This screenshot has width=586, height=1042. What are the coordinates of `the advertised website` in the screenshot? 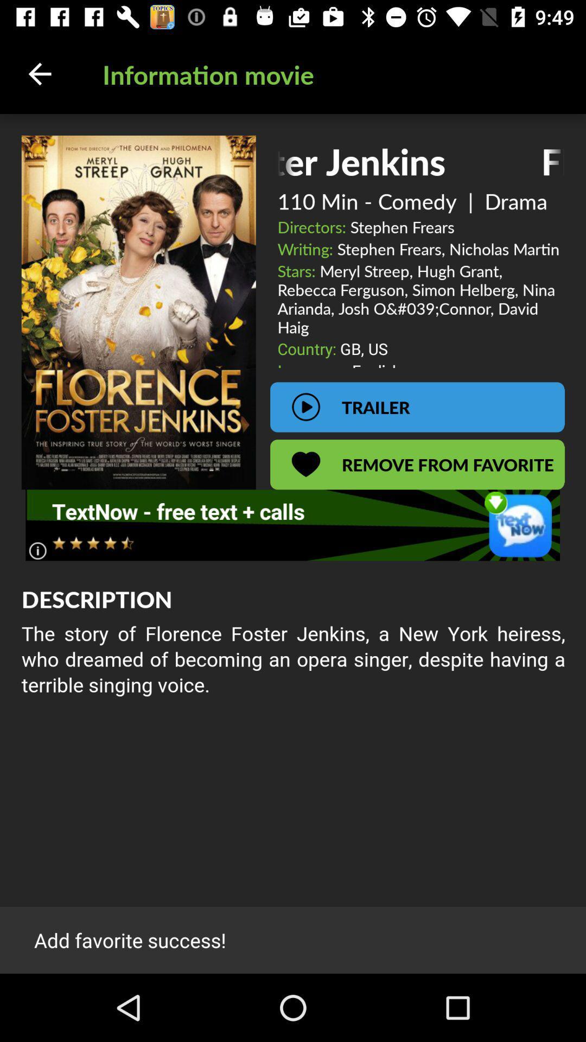 It's located at (292, 525).